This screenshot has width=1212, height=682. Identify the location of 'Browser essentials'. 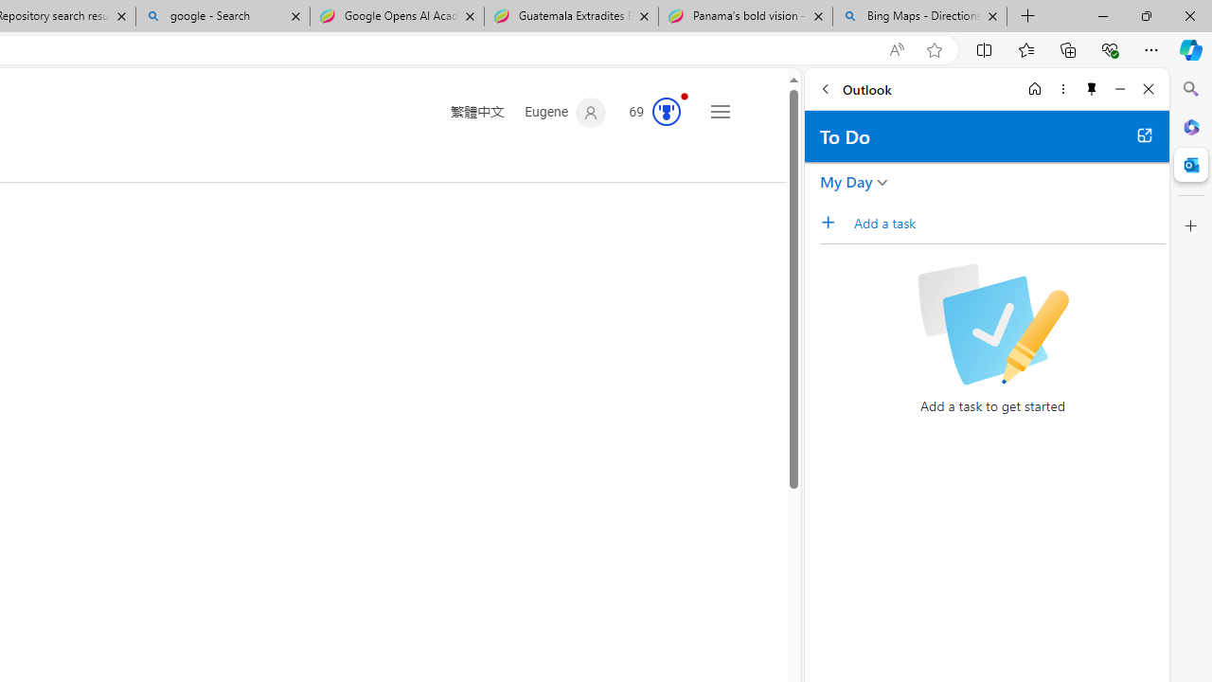
(1109, 48).